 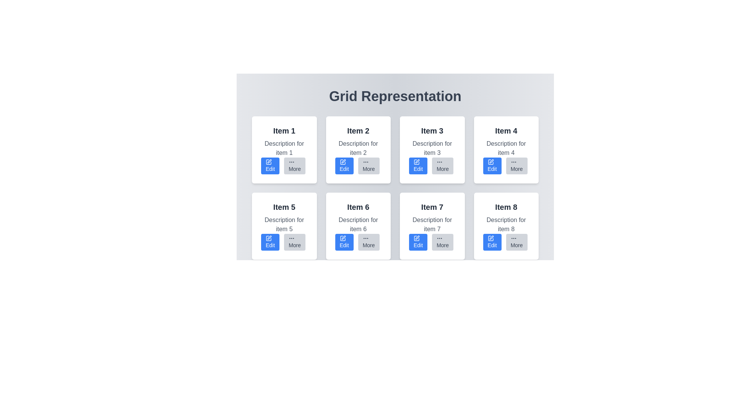 What do you see at coordinates (365, 238) in the screenshot?
I see `the dropdown icon associated with the 'More' button in the 'Item 6' card` at bounding box center [365, 238].